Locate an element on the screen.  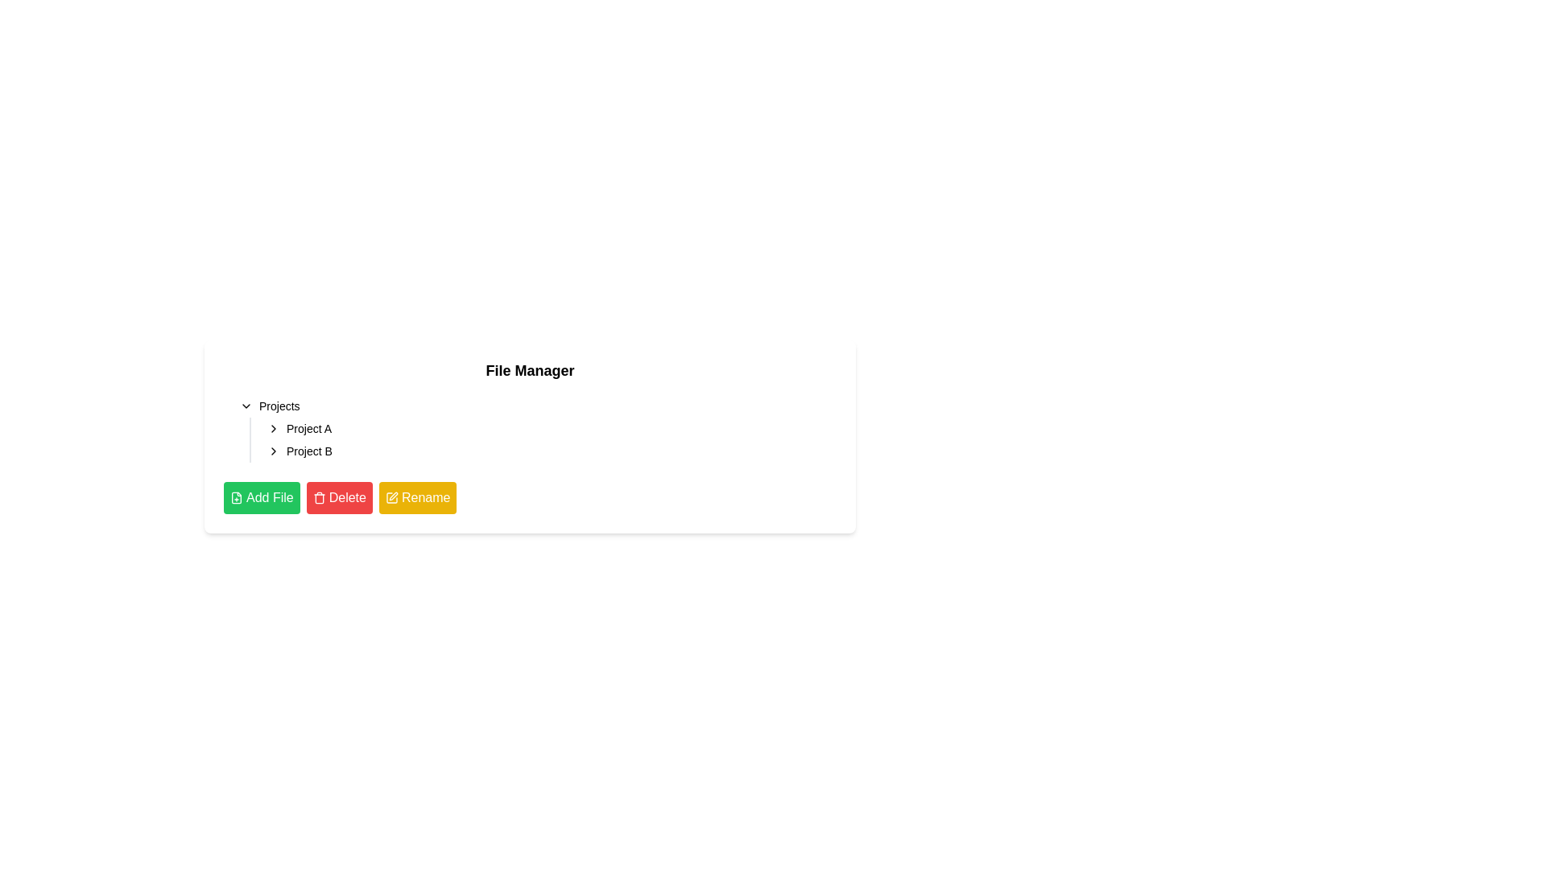
the downward-pointing chevron icon next to the 'Projects' label is located at coordinates (246, 406).